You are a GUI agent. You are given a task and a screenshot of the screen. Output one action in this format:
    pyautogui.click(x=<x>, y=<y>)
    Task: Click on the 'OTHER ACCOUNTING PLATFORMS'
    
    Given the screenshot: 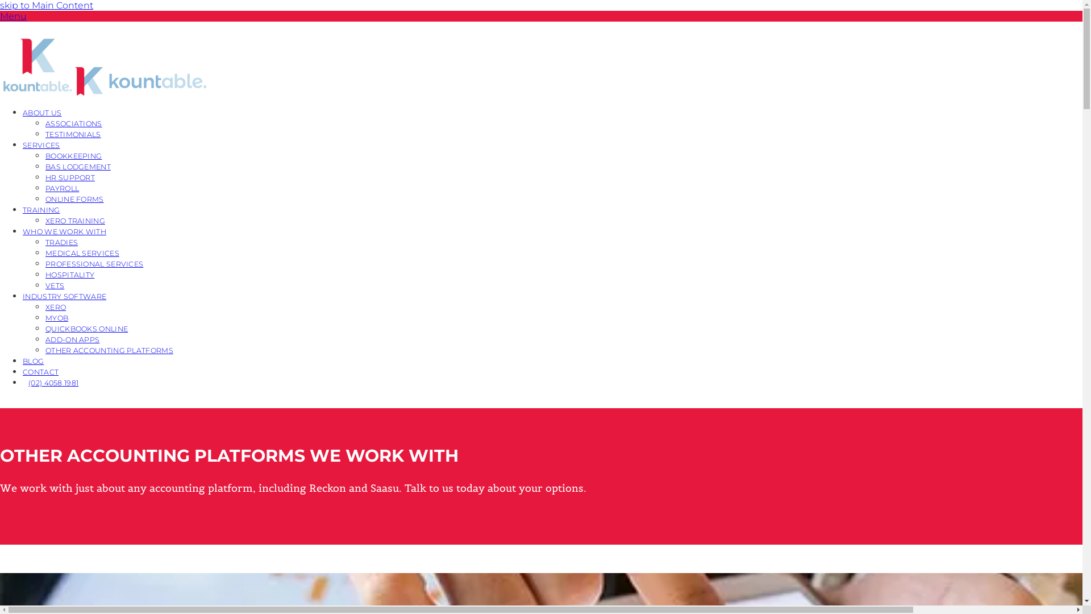 What is the action you would take?
    pyautogui.click(x=109, y=349)
    